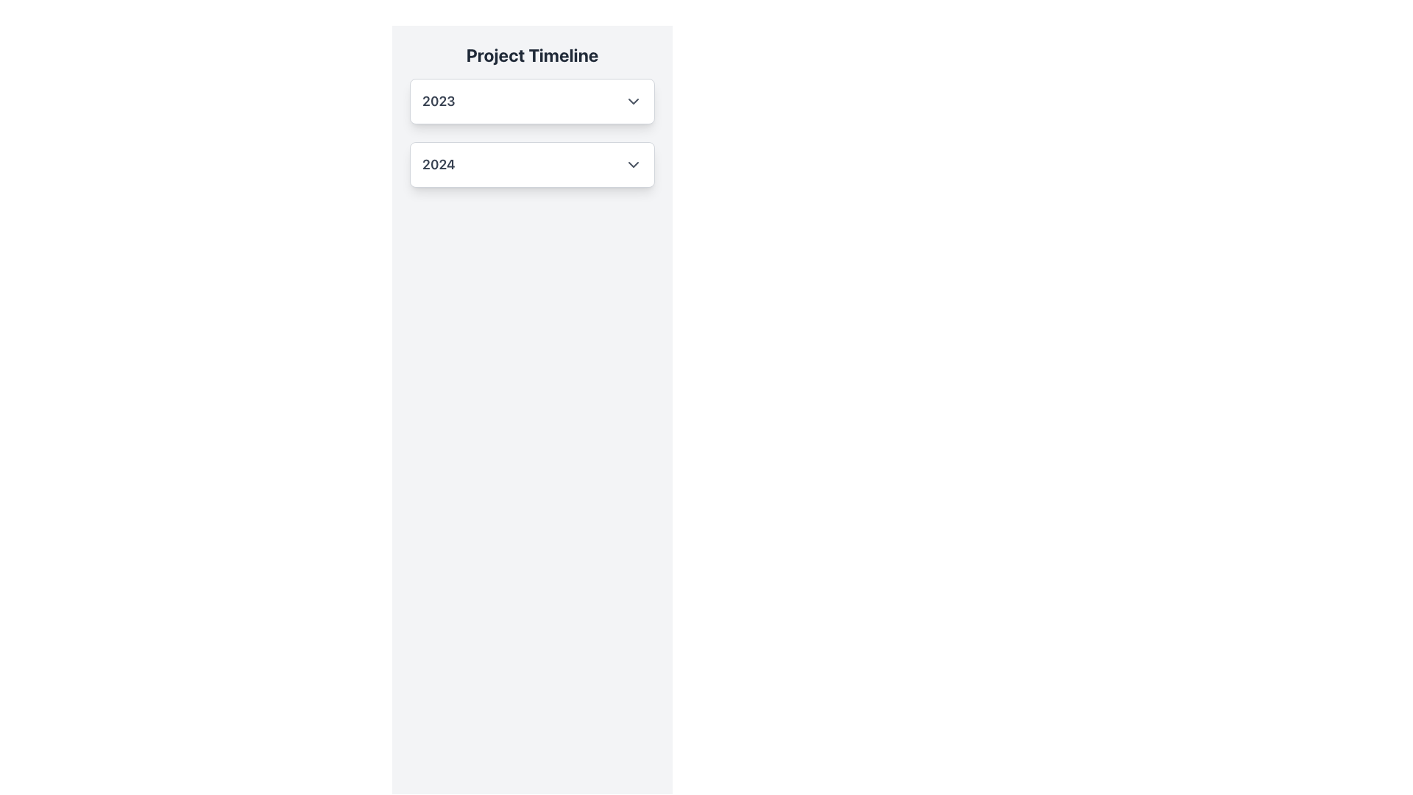 The width and height of the screenshot is (1413, 795). Describe the element at coordinates (438, 164) in the screenshot. I see `text label representing the year 2024 in the dropdown interface located under the 'Project Timeline' header` at that location.